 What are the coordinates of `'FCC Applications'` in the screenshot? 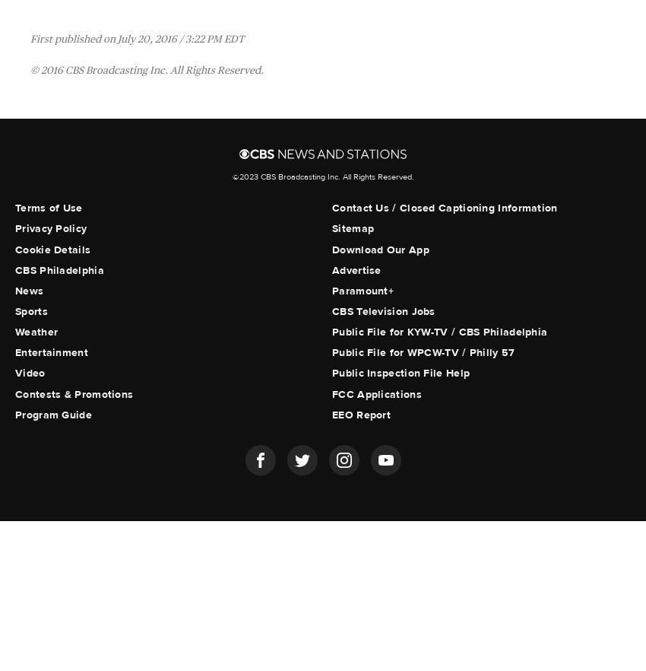 It's located at (376, 393).